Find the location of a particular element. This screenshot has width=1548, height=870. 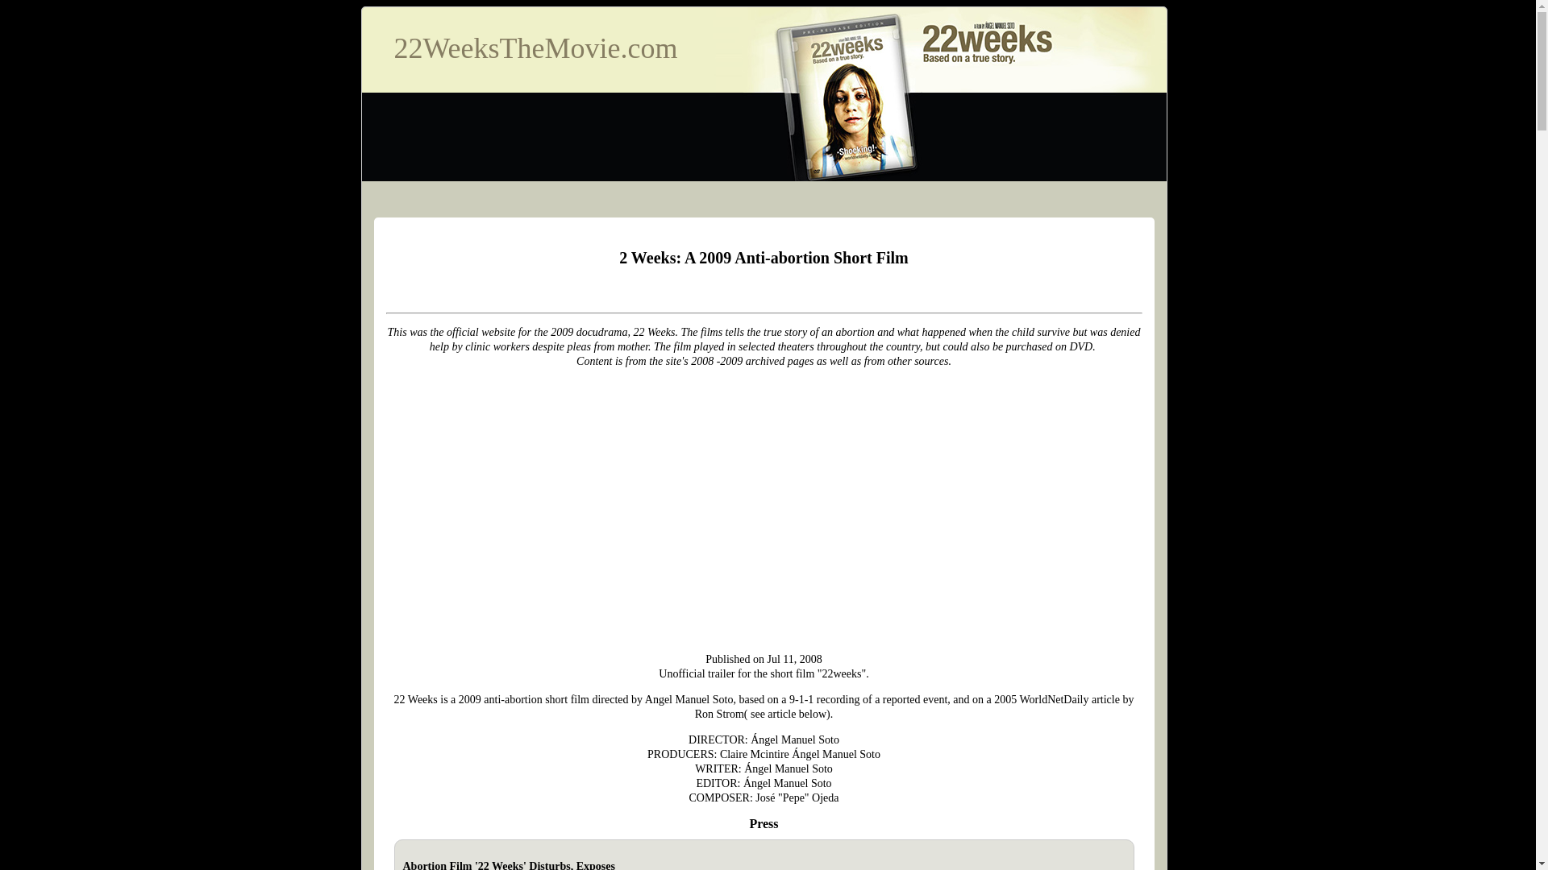

'22WeeksTheMovie.com' is located at coordinates (535, 48).